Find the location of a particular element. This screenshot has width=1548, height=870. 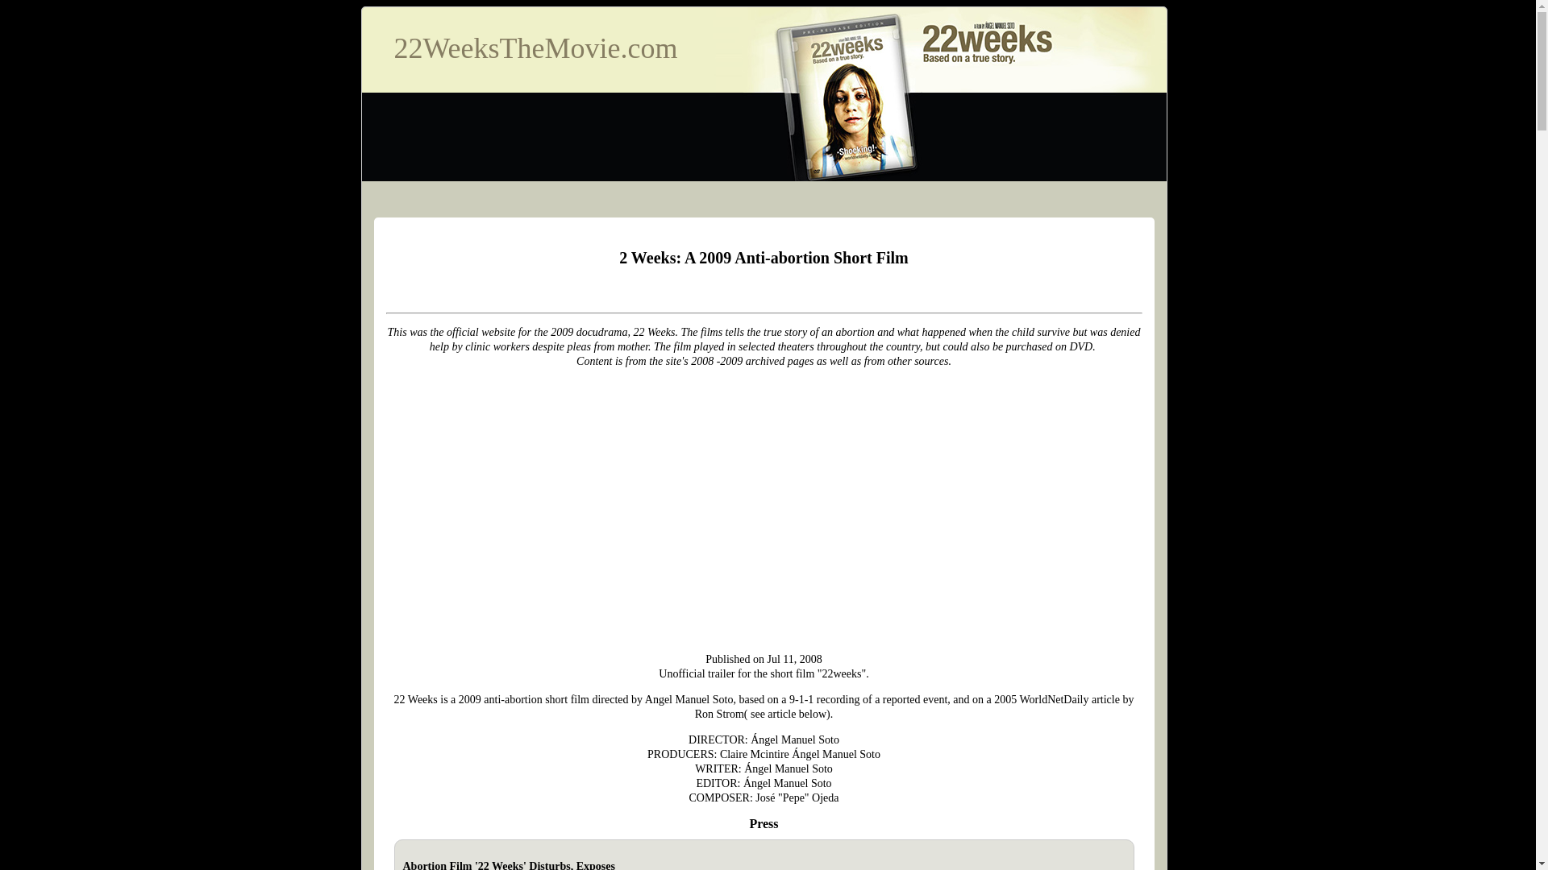

'22WeeksTheMovie.com' is located at coordinates (535, 48).